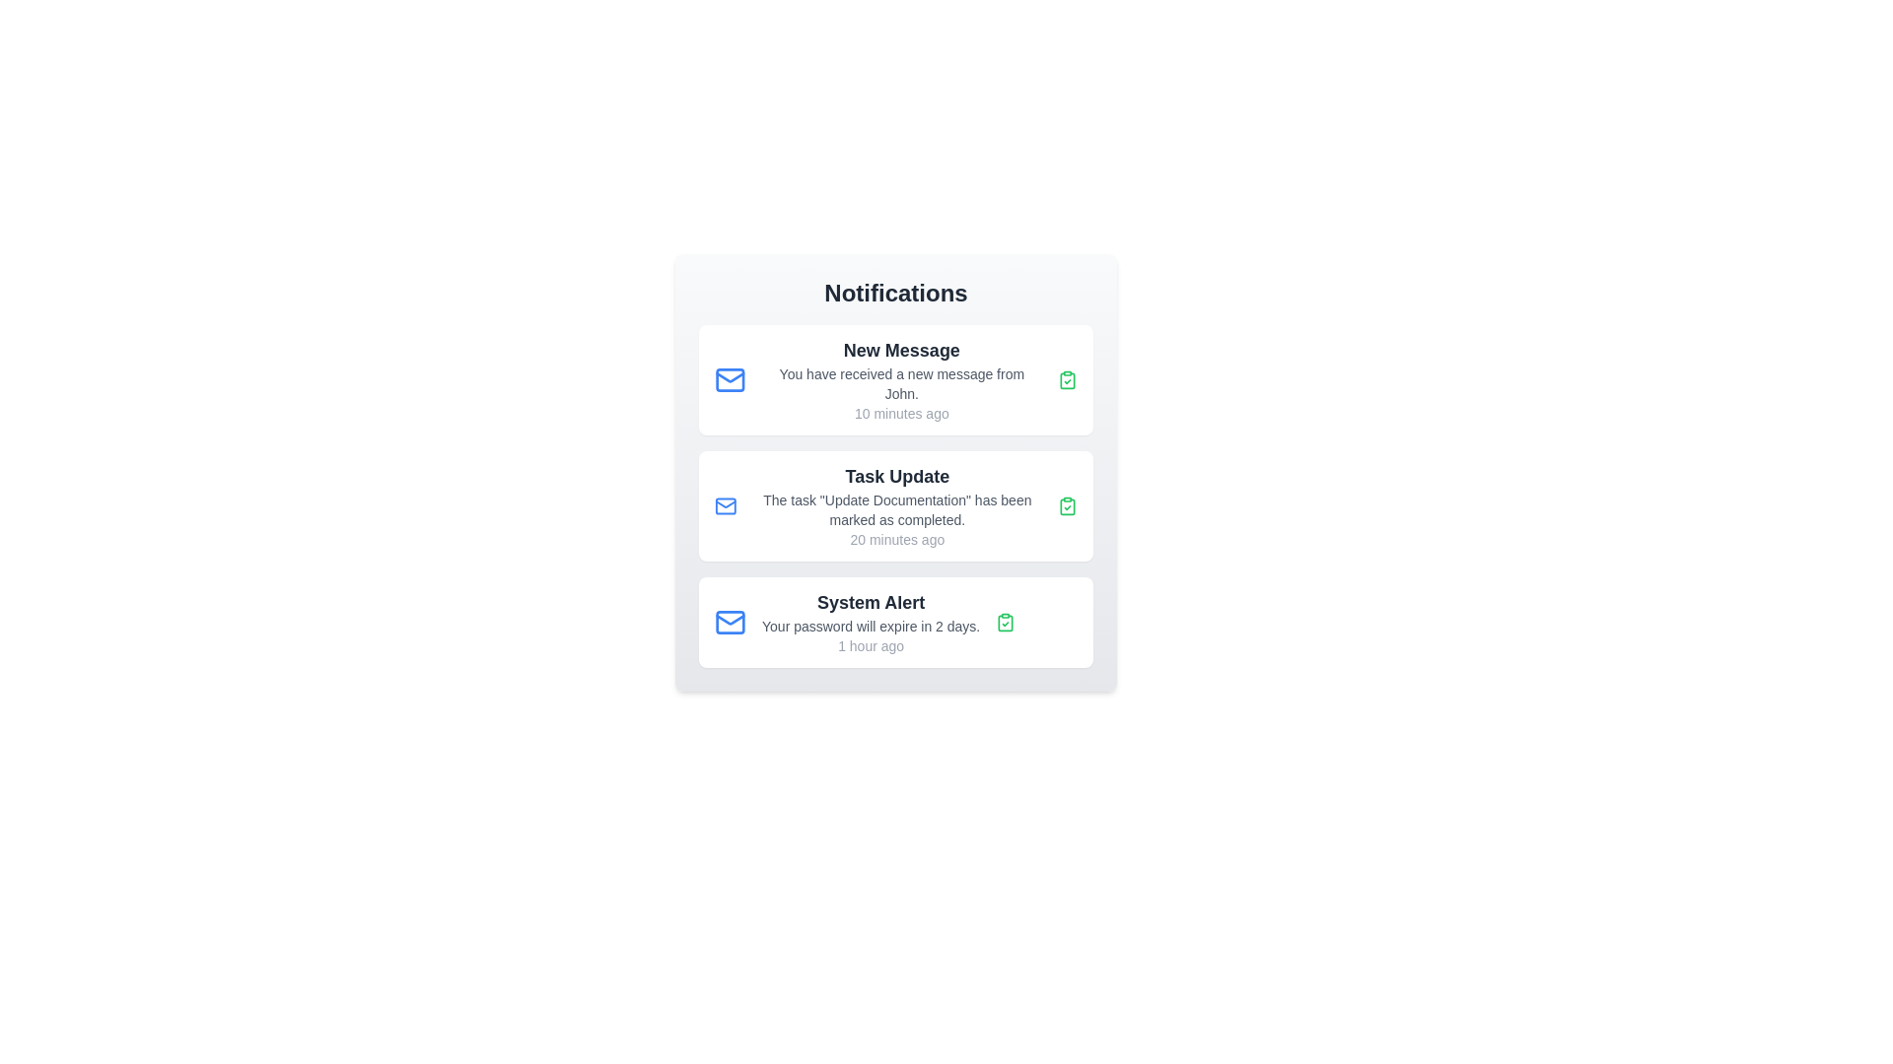  Describe the element at coordinates (1067, 504) in the screenshot. I see `the green icon to mark the notification as read for 2` at that location.